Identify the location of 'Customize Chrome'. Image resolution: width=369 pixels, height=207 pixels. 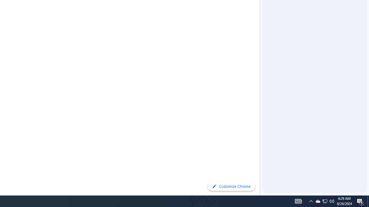
(231, 186).